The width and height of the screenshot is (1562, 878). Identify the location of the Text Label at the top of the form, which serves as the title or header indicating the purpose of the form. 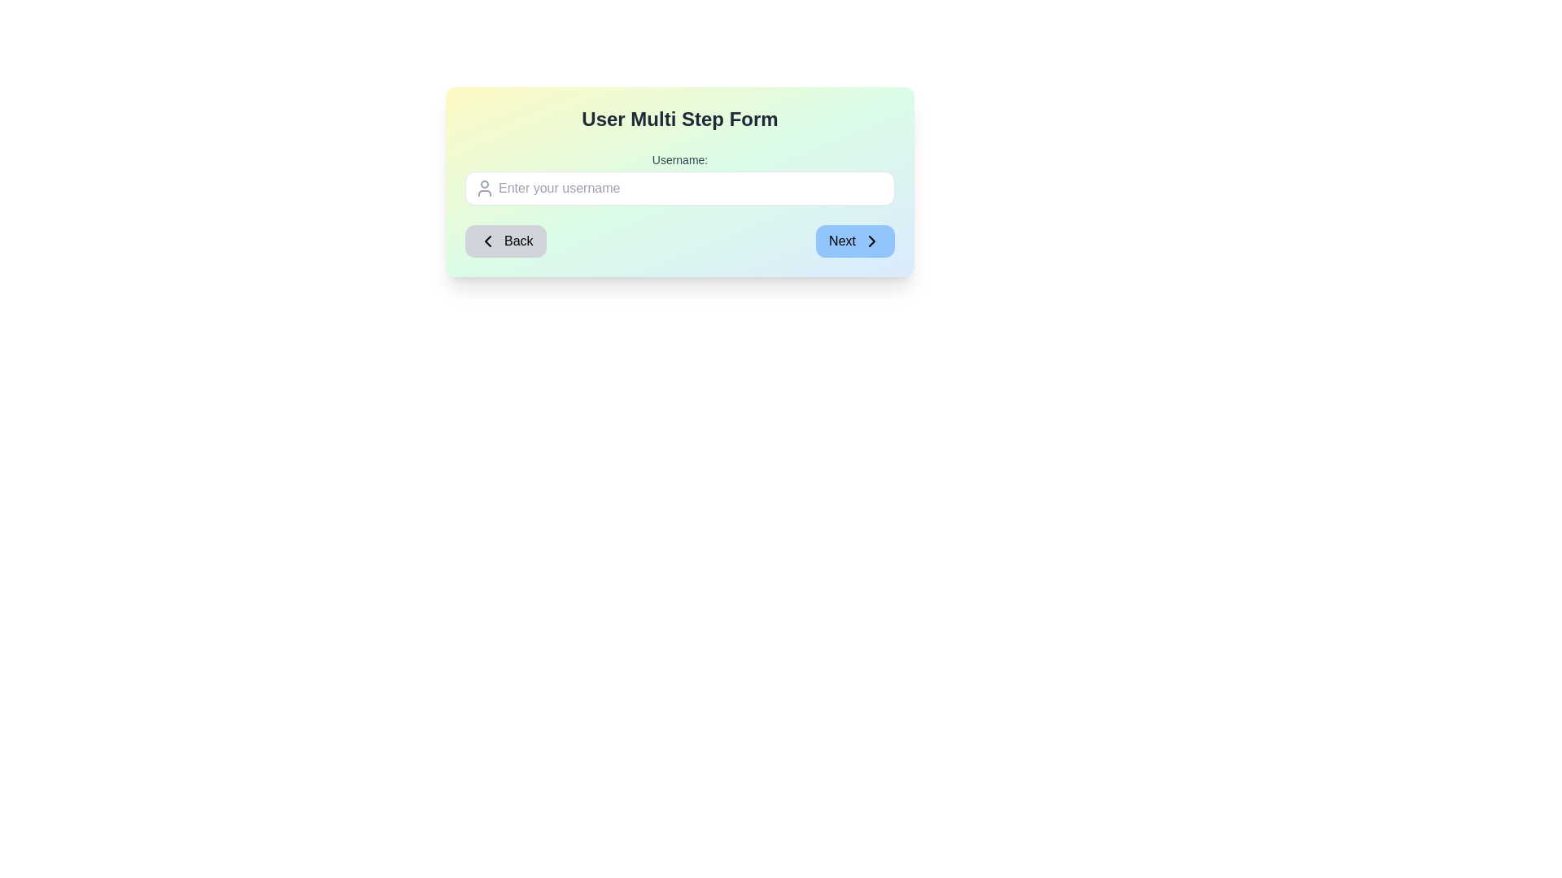
(679, 118).